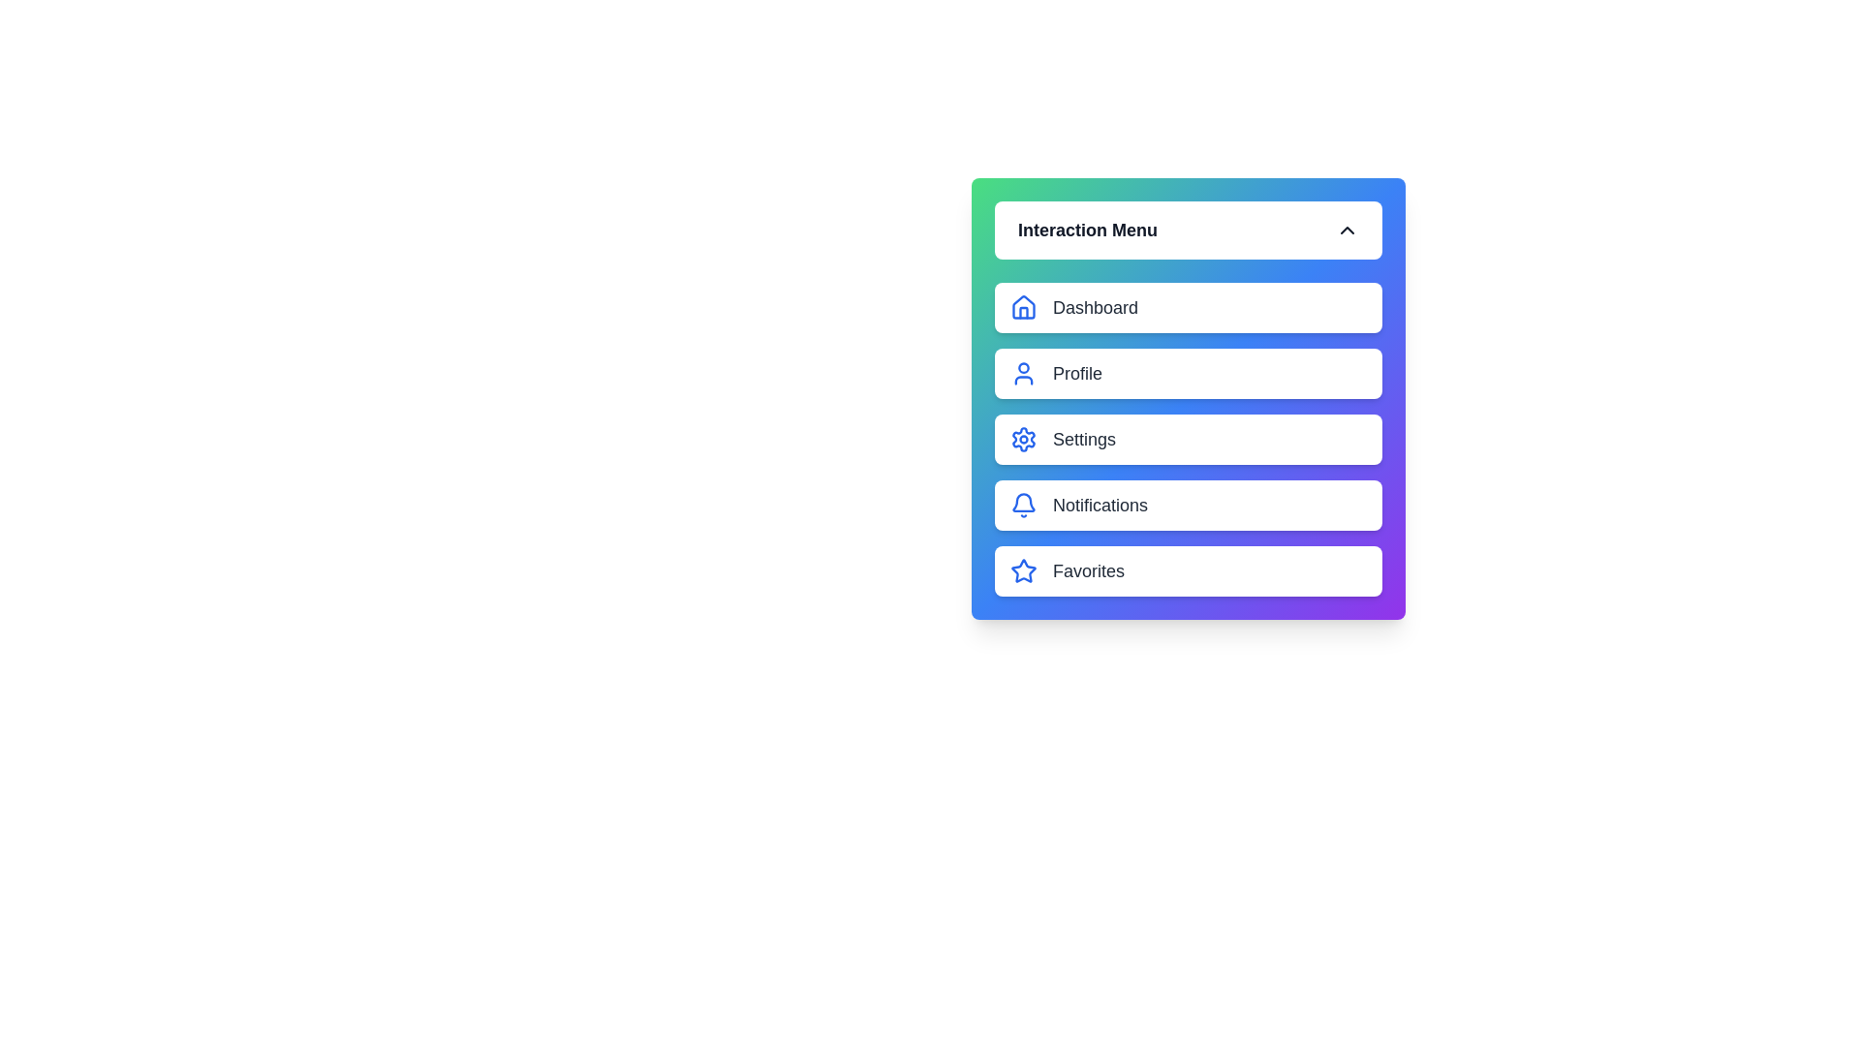 Image resolution: width=1860 pixels, height=1046 pixels. Describe the element at coordinates (1188, 230) in the screenshot. I see `the toggle button to change the visibility of the menu` at that location.